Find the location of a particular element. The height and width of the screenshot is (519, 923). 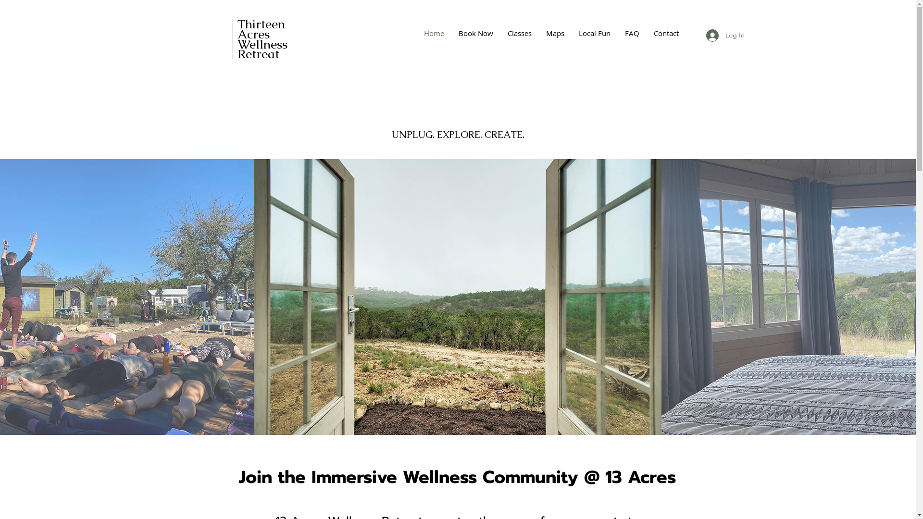

'Home' is located at coordinates (433, 33).